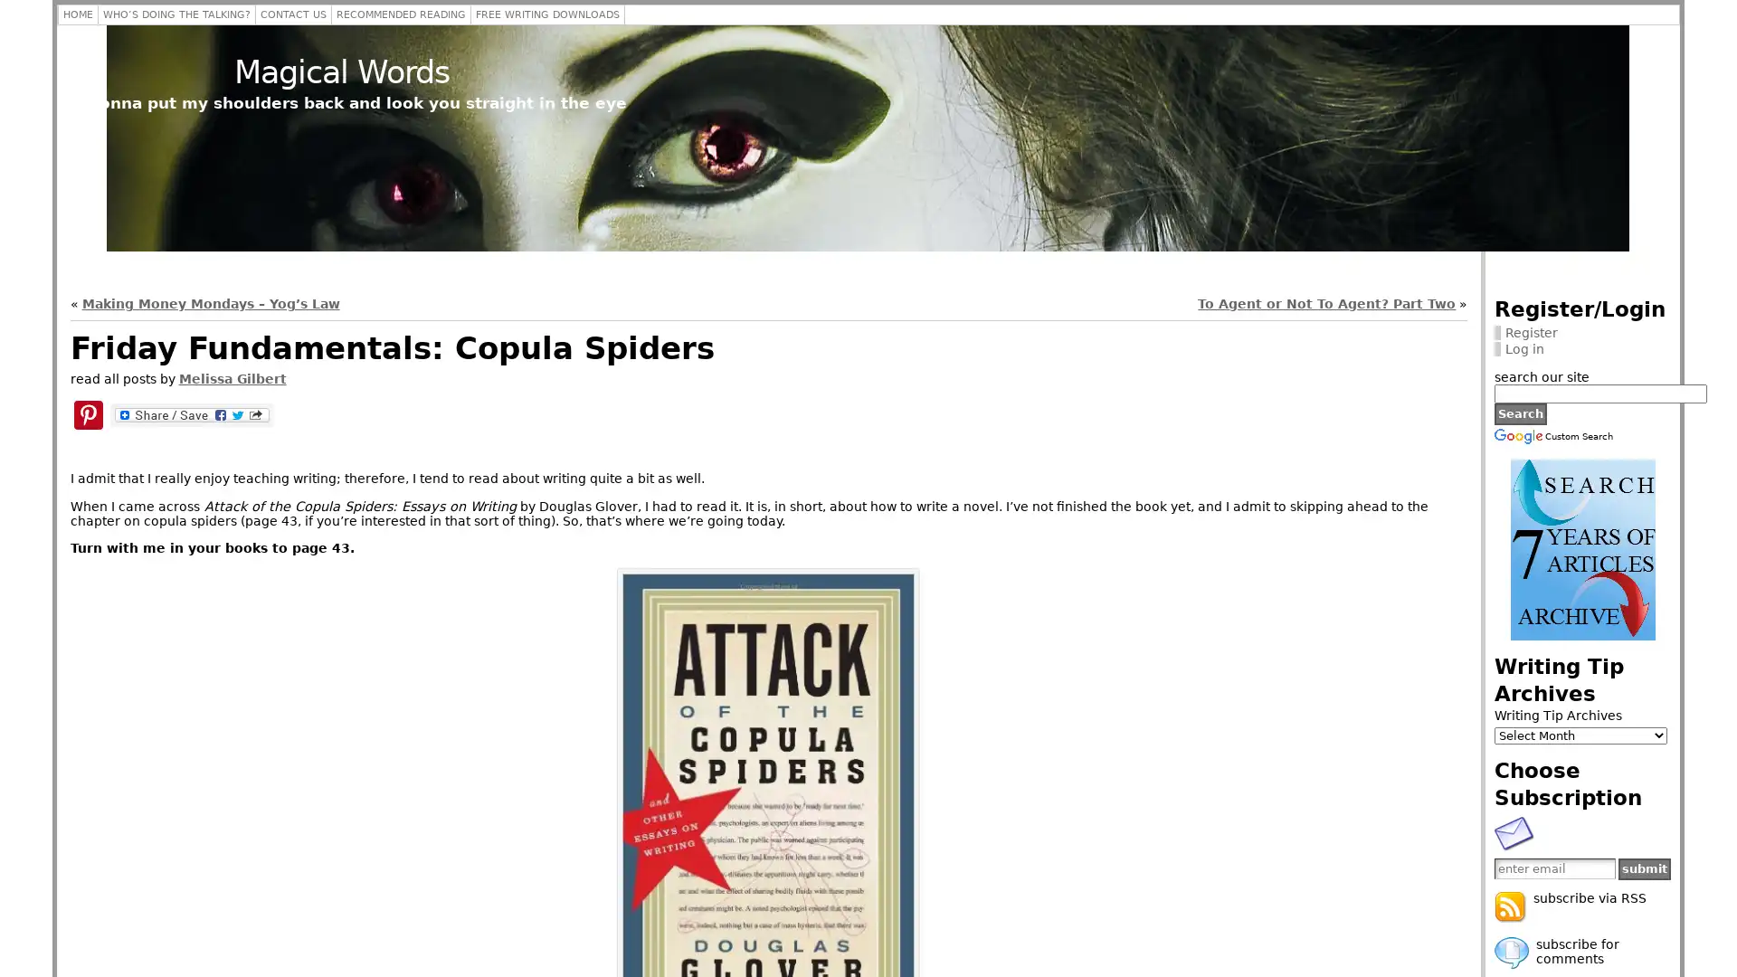 This screenshot has height=977, width=1737. What do you see at coordinates (1520, 413) in the screenshot?
I see `Search` at bounding box center [1520, 413].